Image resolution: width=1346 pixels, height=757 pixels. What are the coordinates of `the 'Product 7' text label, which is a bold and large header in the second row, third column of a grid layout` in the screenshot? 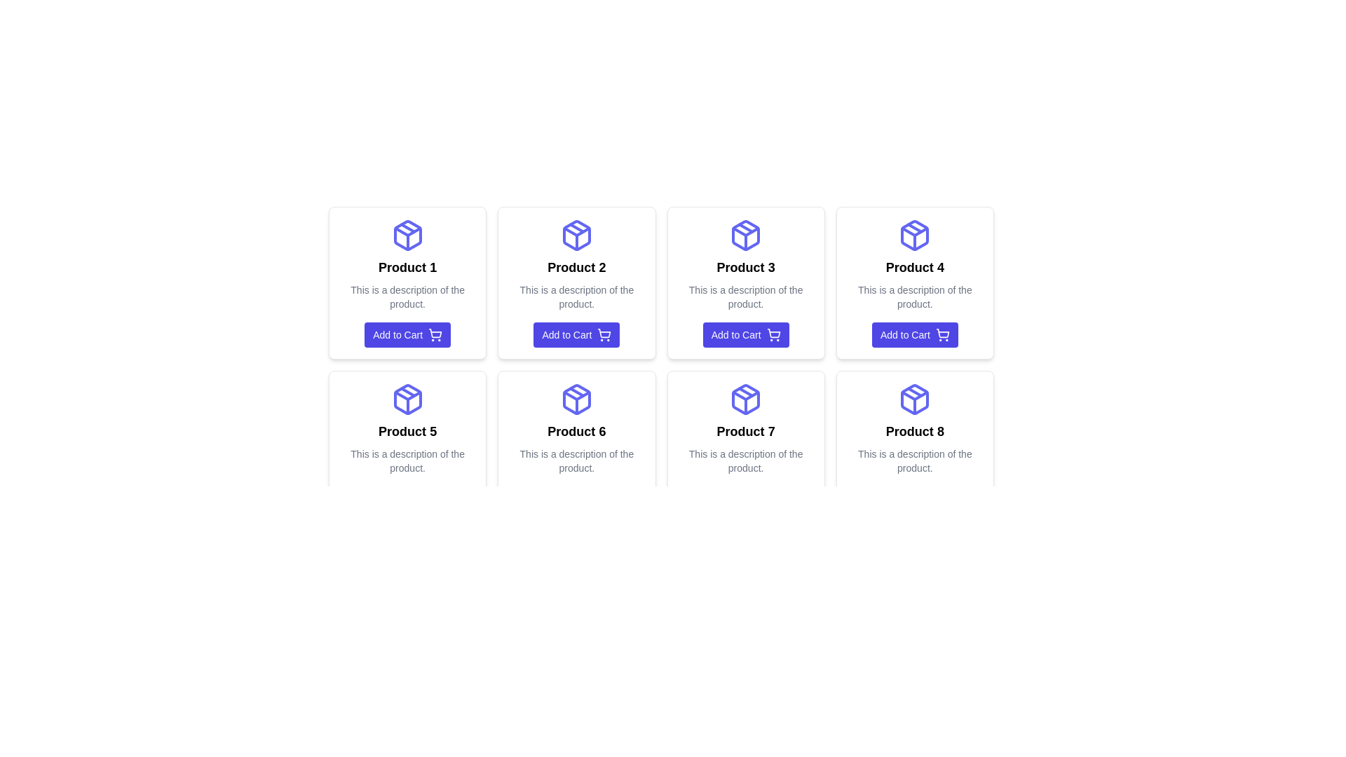 It's located at (745, 431).